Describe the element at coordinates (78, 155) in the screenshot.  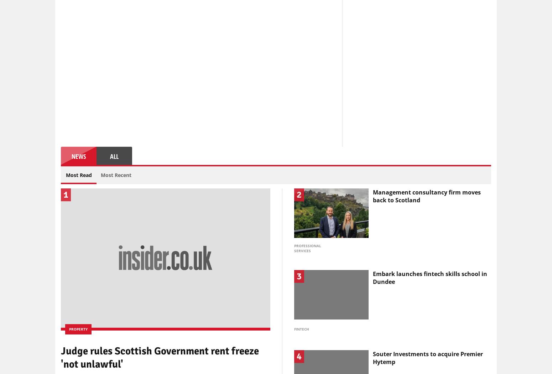
I see `'News'` at that location.